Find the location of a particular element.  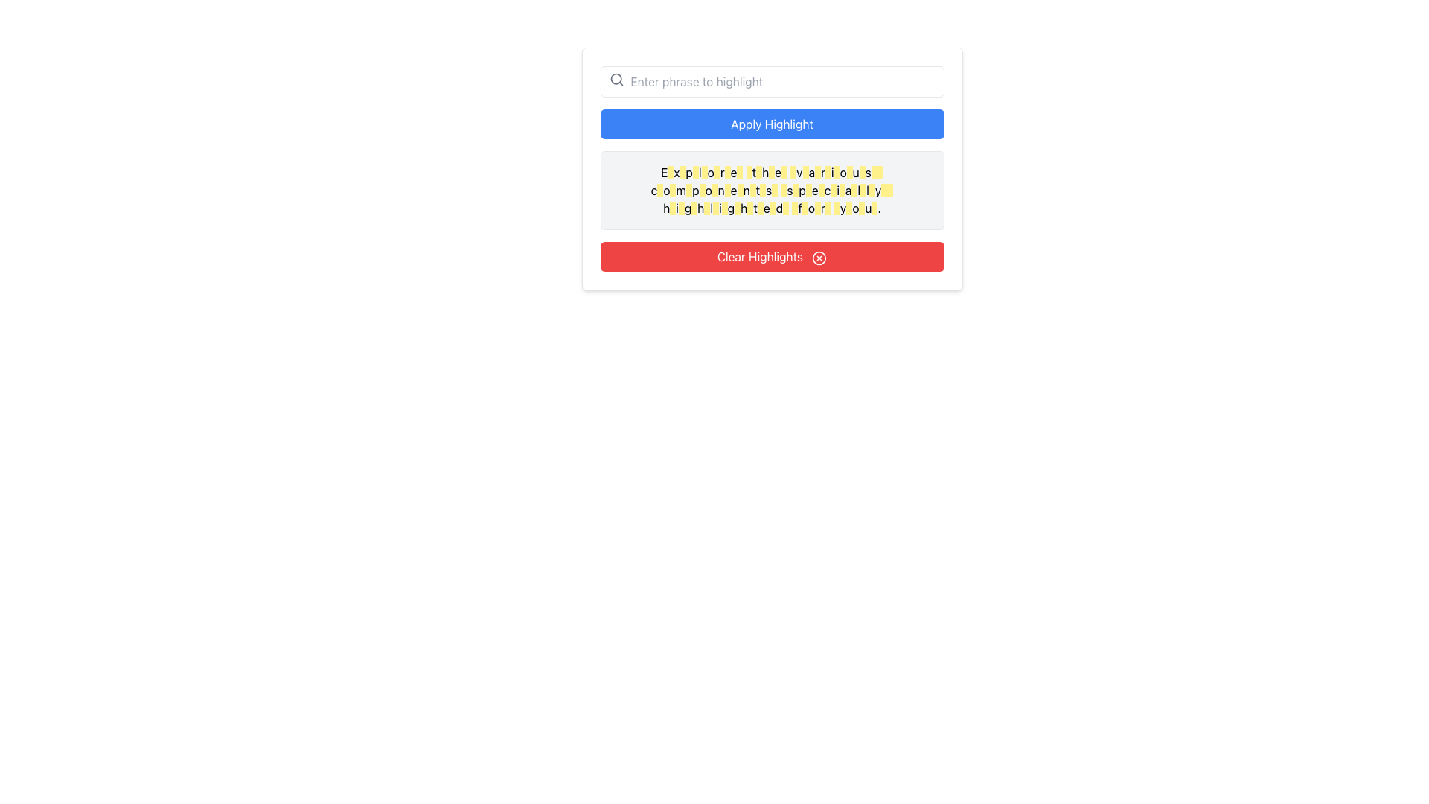

styles or attributes of the highlighted text segment with a yellow background and dark mustard text, which is the 10th inline component in the third line of highlighted structures is located at coordinates (773, 208).